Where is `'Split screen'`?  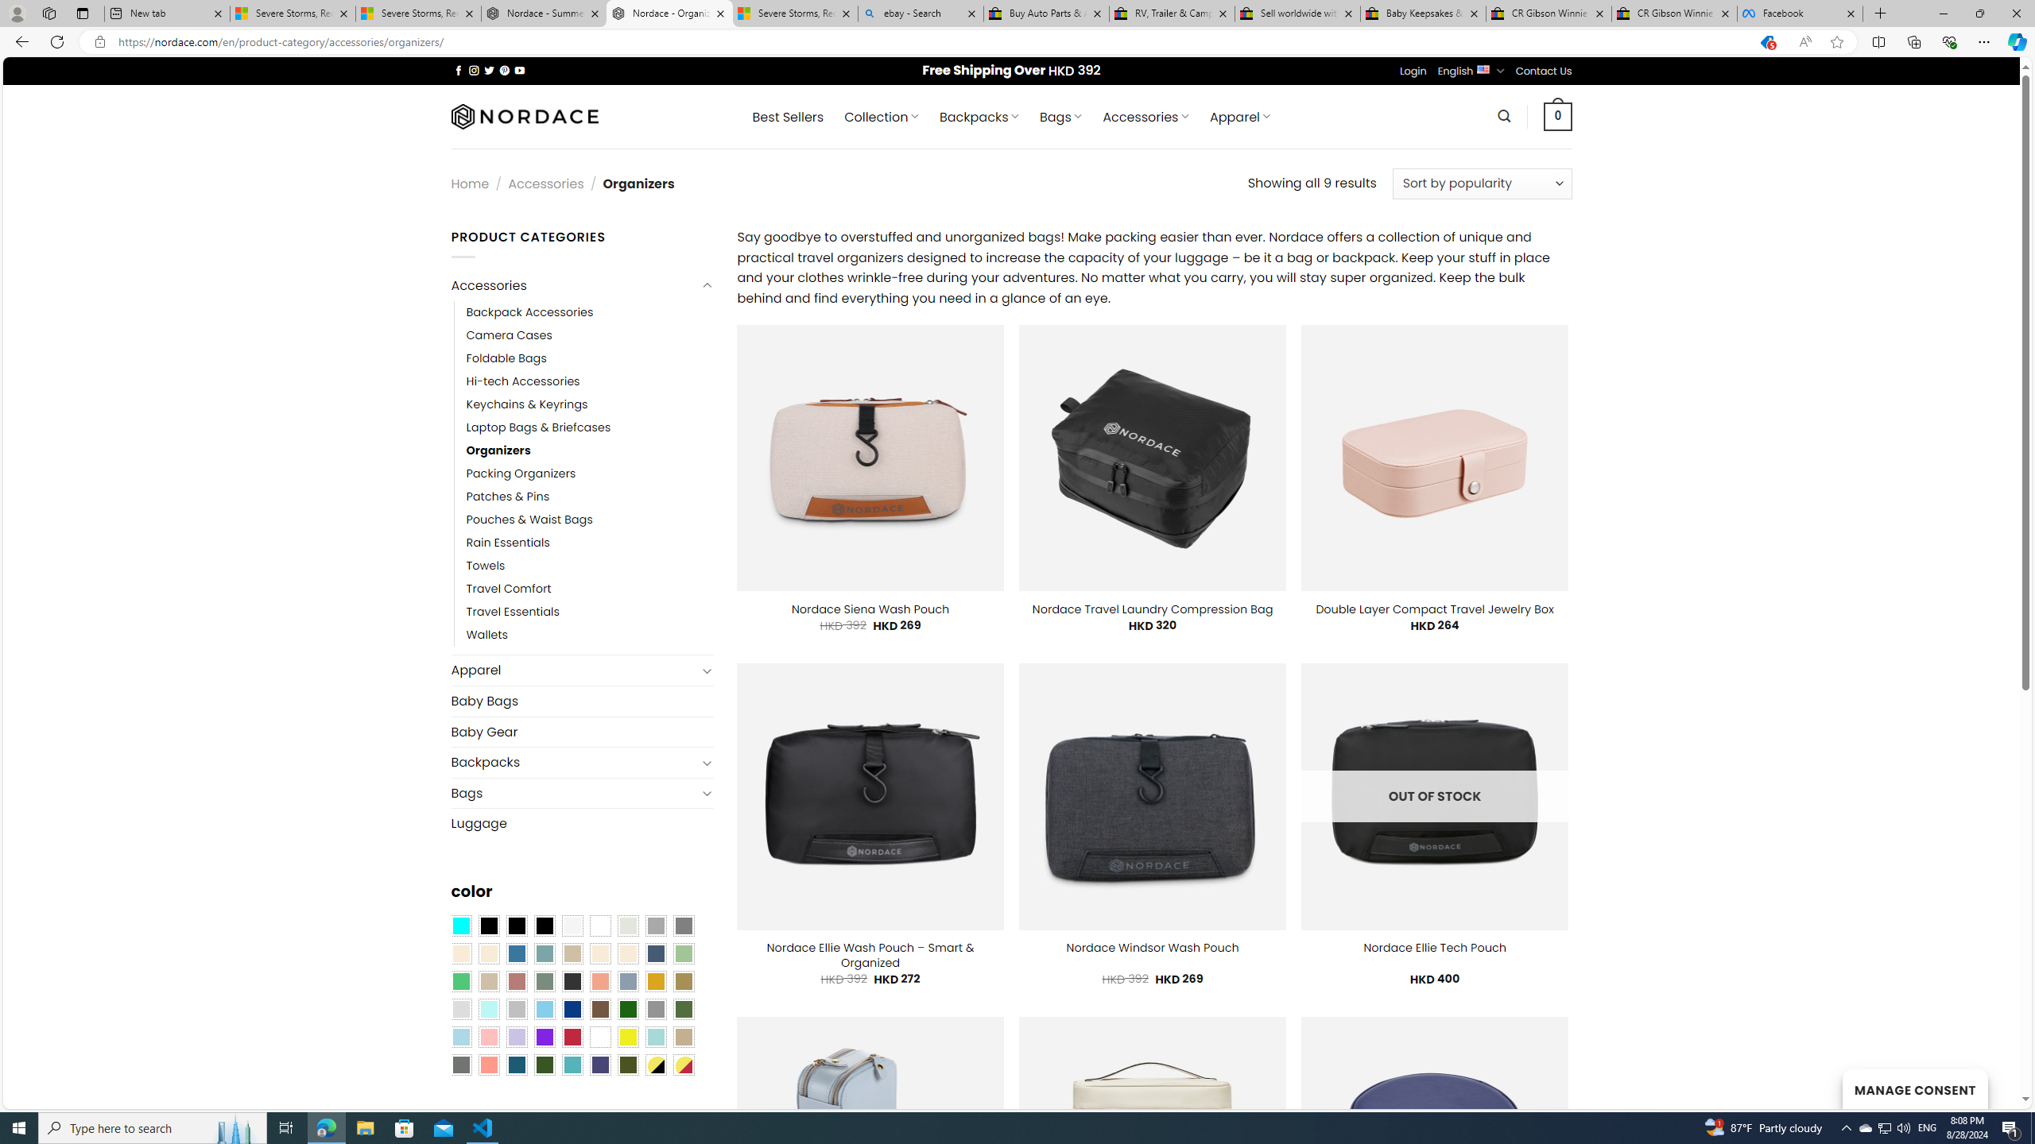 'Split screen' is located at coordinates (1879, 41).